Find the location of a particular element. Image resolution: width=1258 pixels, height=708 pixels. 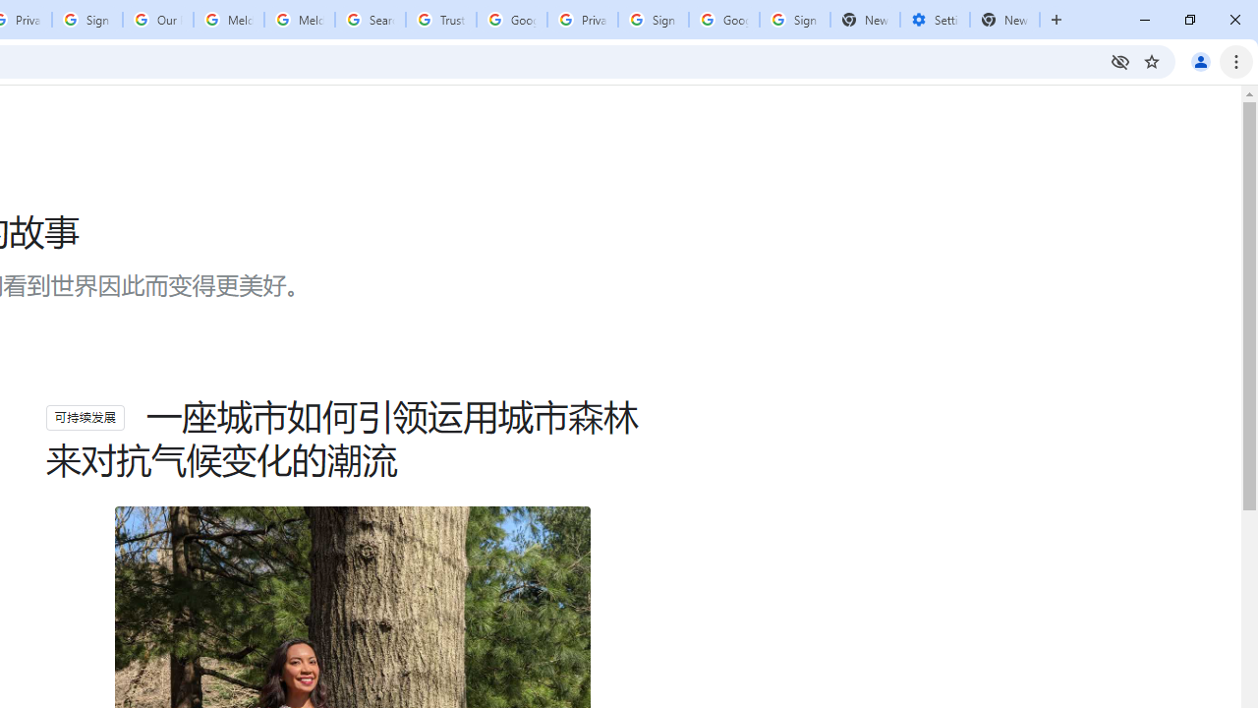

'Sign in - Google Accounts' is located at coordinates (653, 20).